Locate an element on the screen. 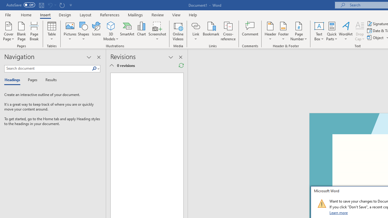 The image size is (388, 218). 'Footer' is located at coordinates (283, 31).